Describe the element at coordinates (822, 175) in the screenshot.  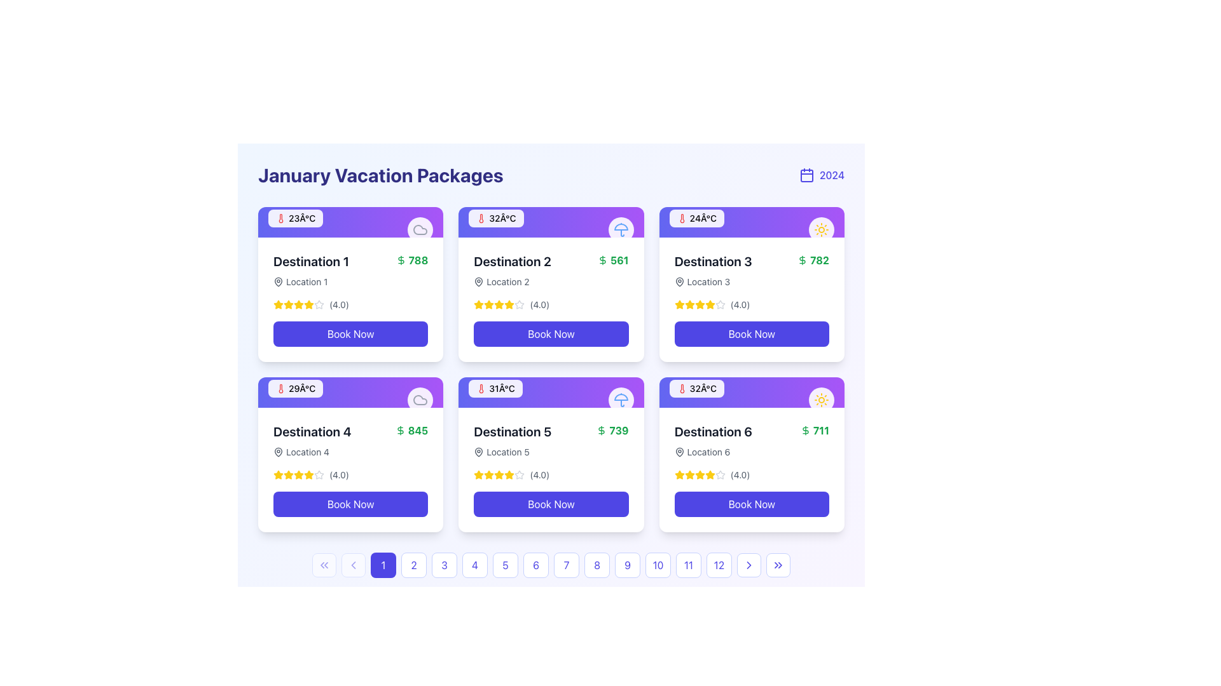
I see `the visual indicator element displaying the year '2024', located in the top-right corner of the interface, aligned with the 'January Vacation Packages' header` at that location.